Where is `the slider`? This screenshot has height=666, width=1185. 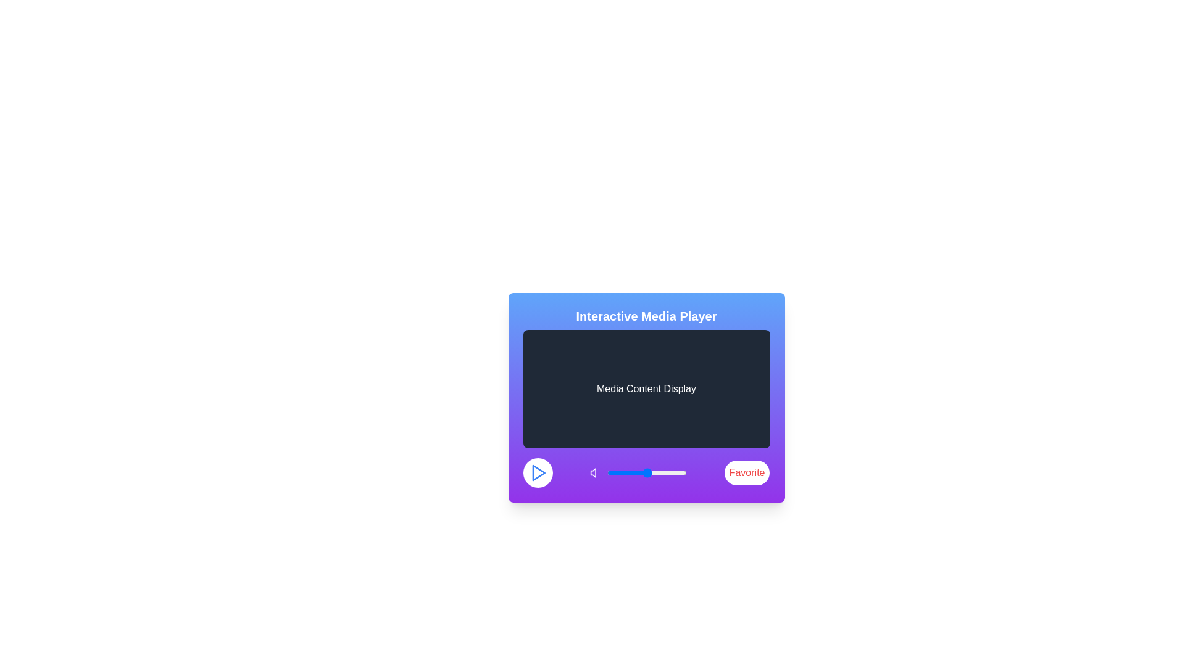
the slider is located at coordinates (648, 472).